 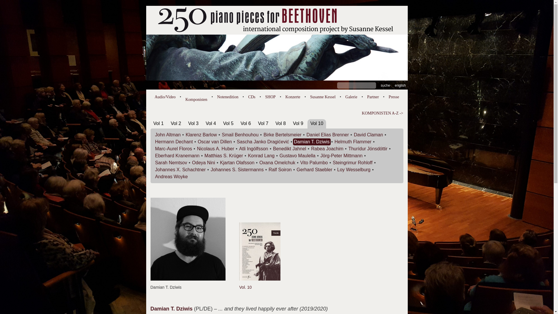 I want to click on 'Vol 7', so click(x=258, y=123).